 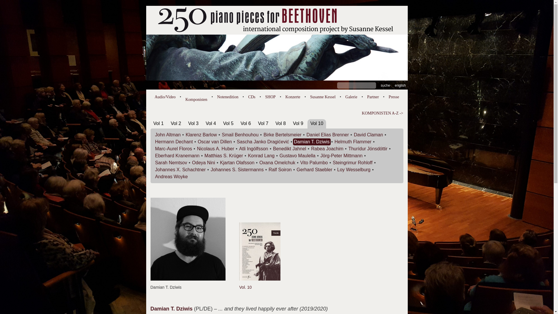 I want to click on 'Vol 7', so click(x=258, y=123).